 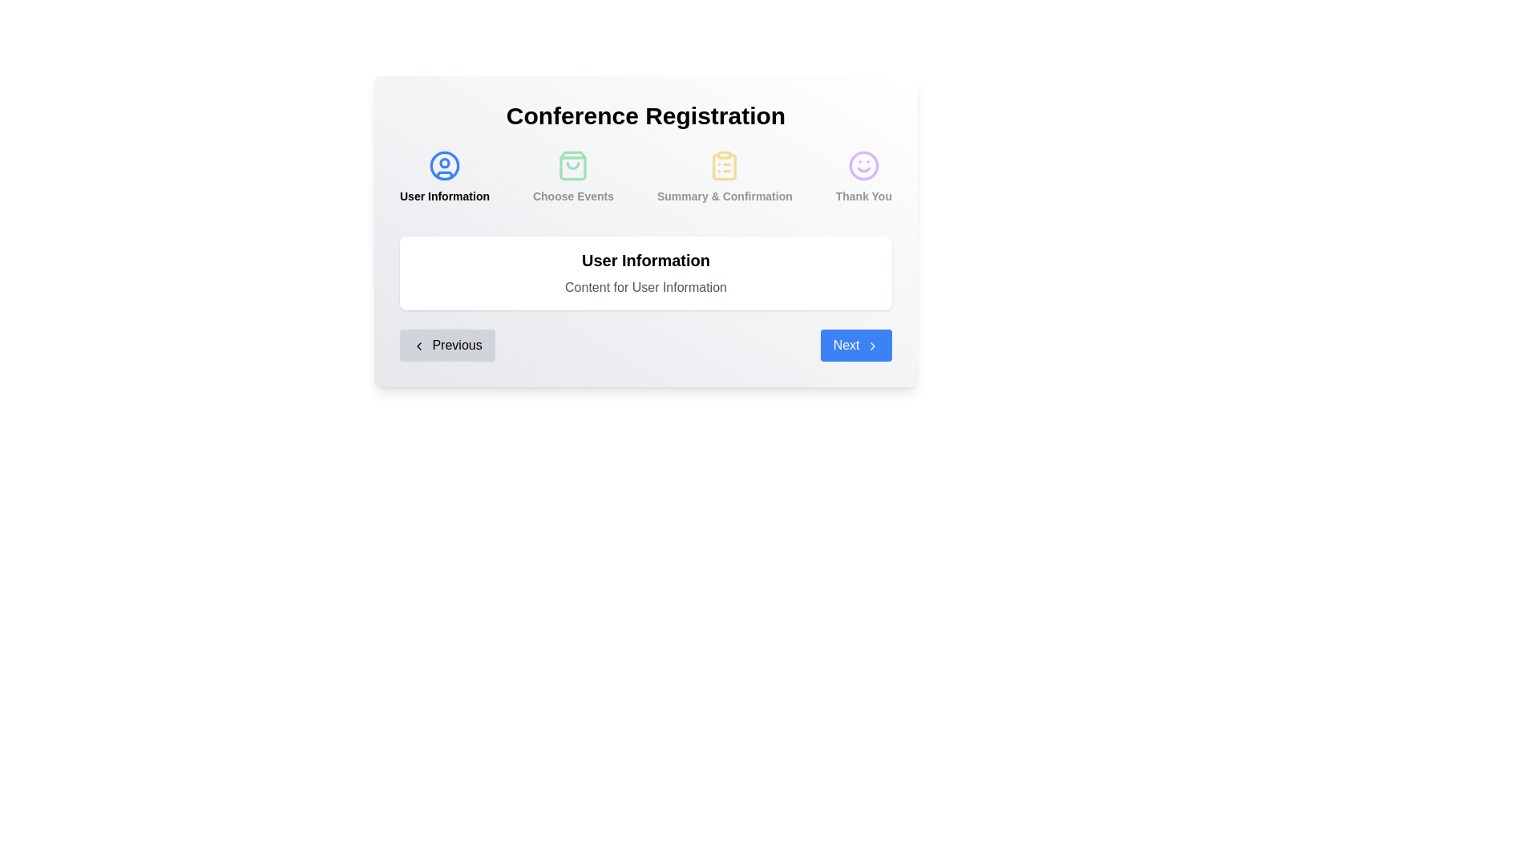 What do you see at coordinates (862, 166) in the screenshot?
I see `the 'Thank You' icon located at the rightmost position in the navigation bar, adjacent to 'Summary & Confirmation'` at bounding box center [862, 166].